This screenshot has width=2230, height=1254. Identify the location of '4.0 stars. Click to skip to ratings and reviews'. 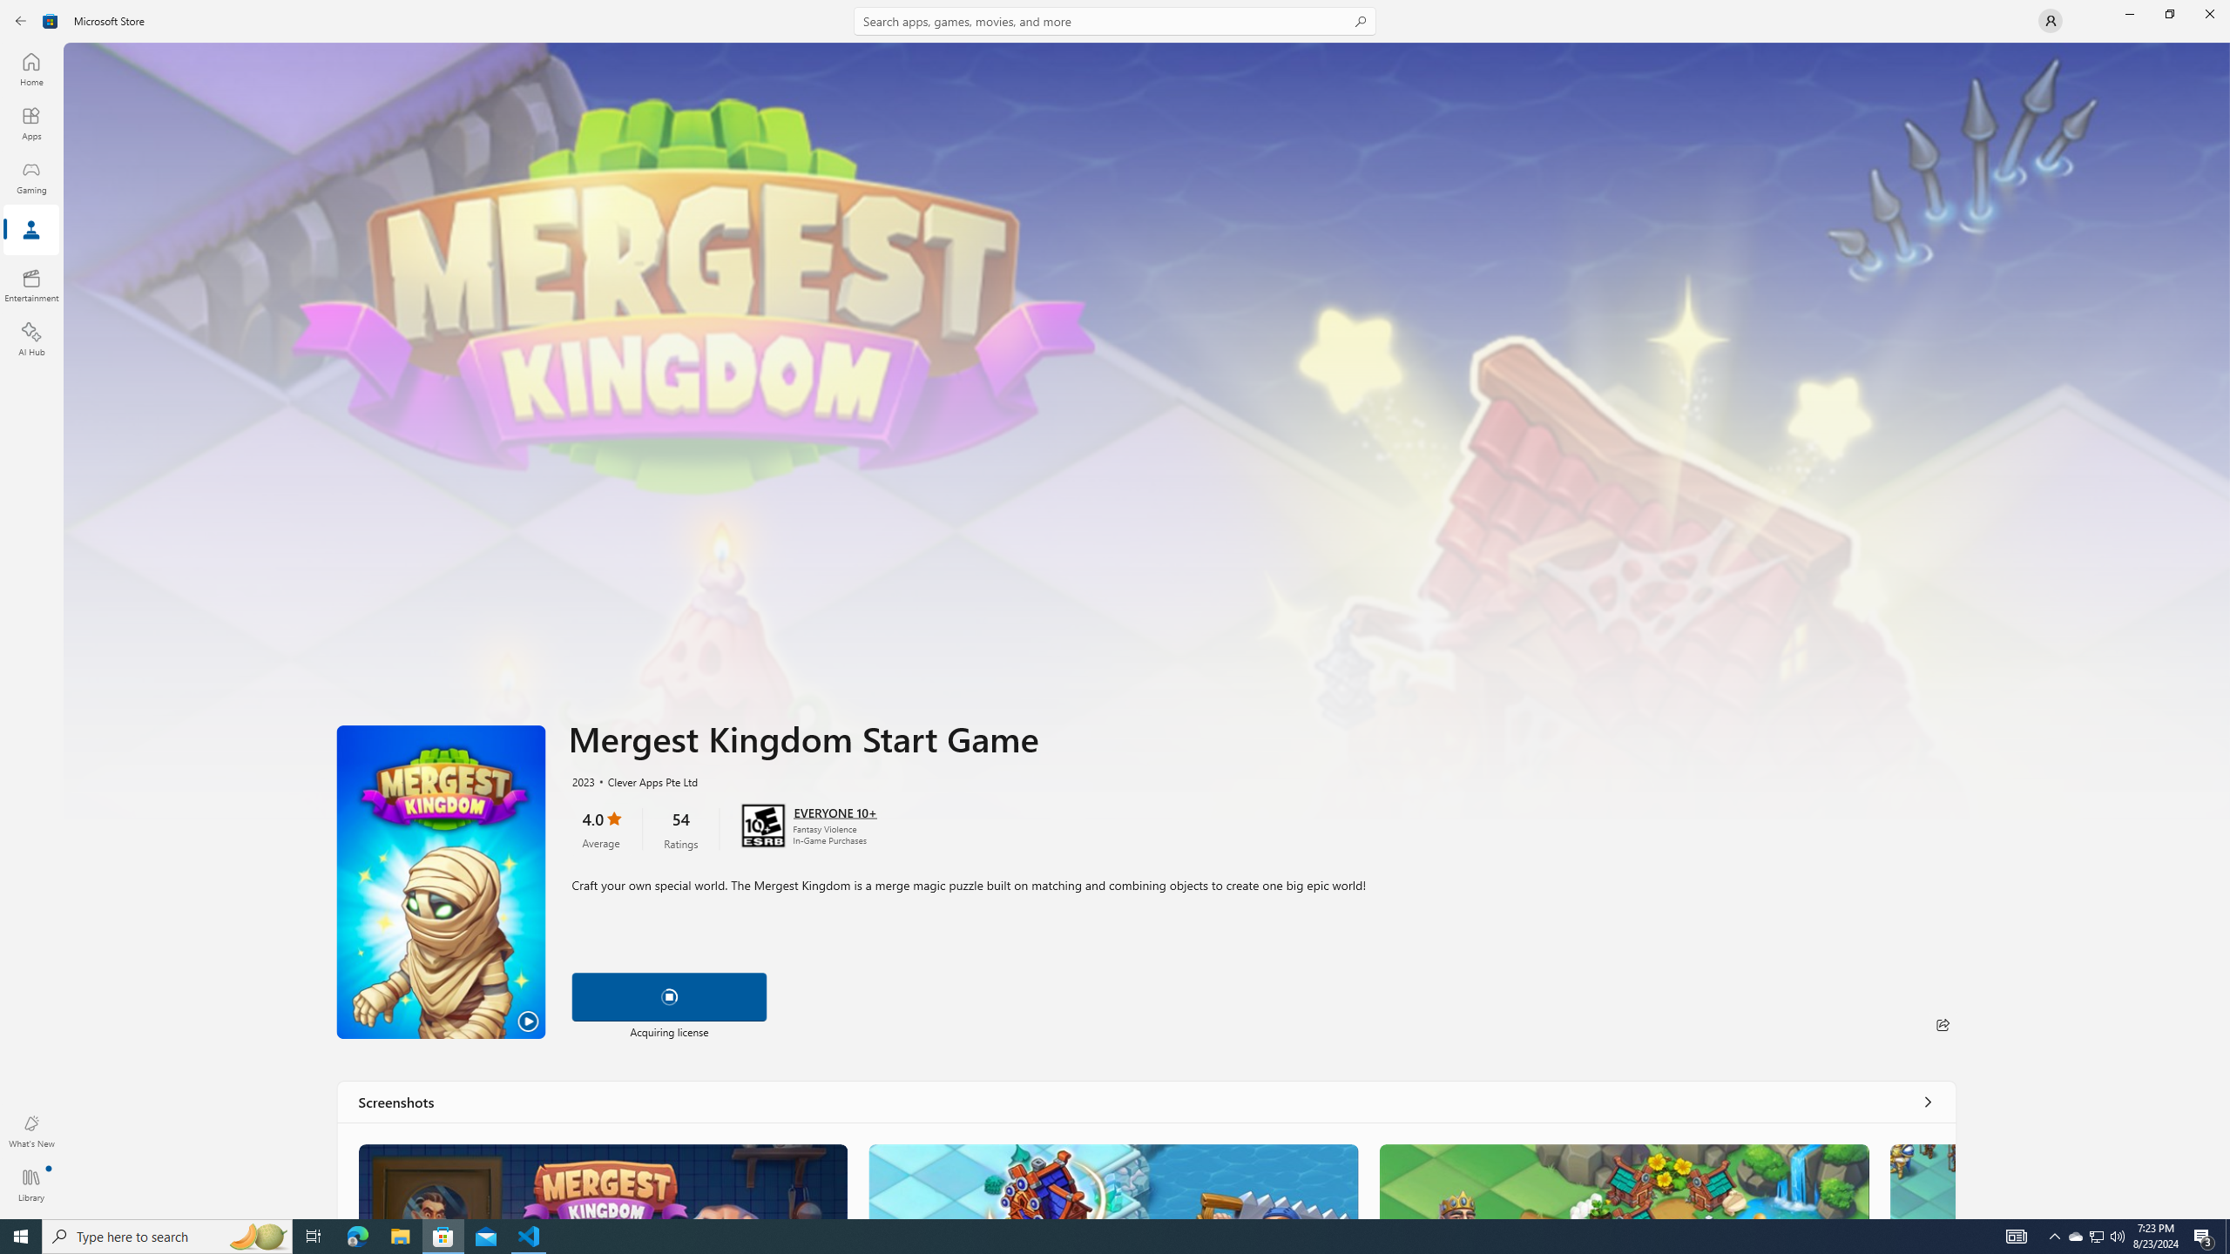
(599, 827).